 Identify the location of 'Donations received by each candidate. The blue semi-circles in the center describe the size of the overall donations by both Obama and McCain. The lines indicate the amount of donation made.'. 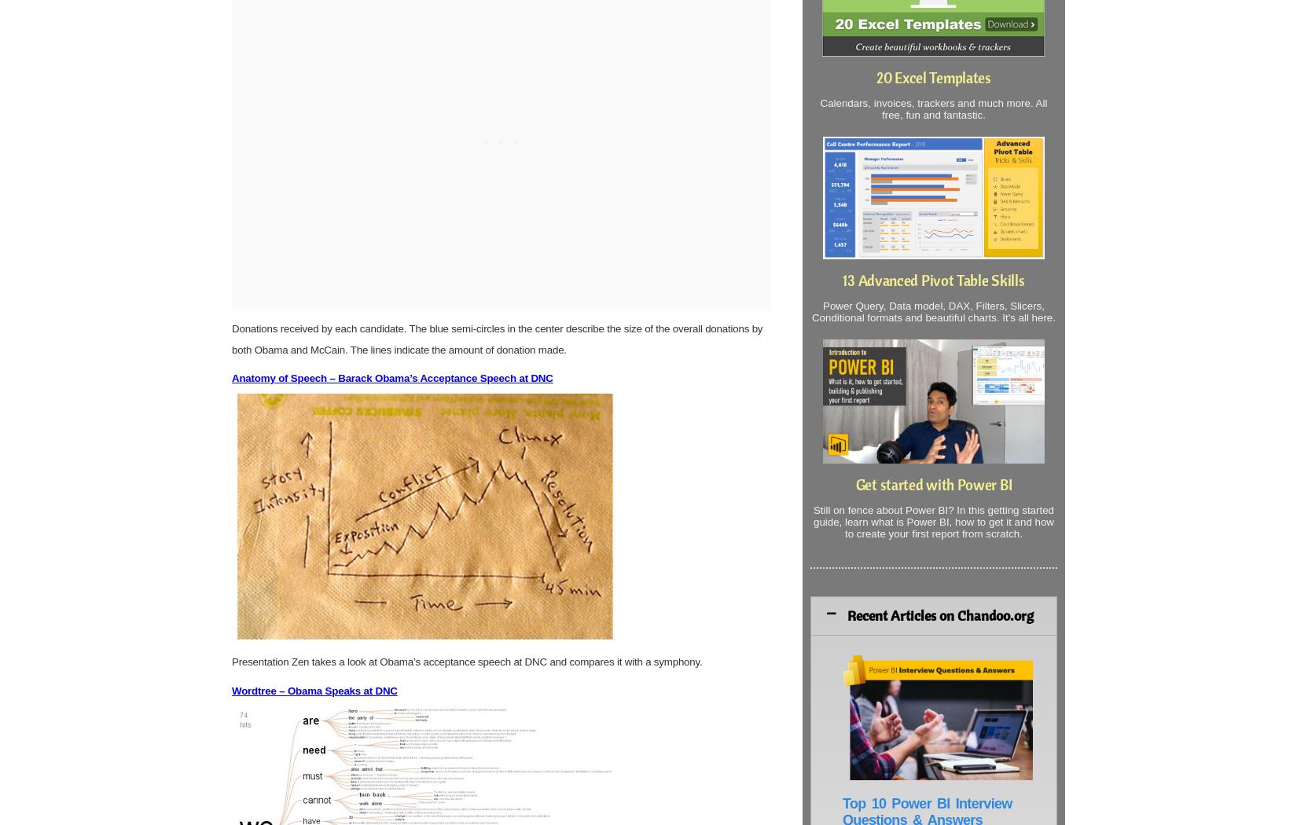
(496, 338).